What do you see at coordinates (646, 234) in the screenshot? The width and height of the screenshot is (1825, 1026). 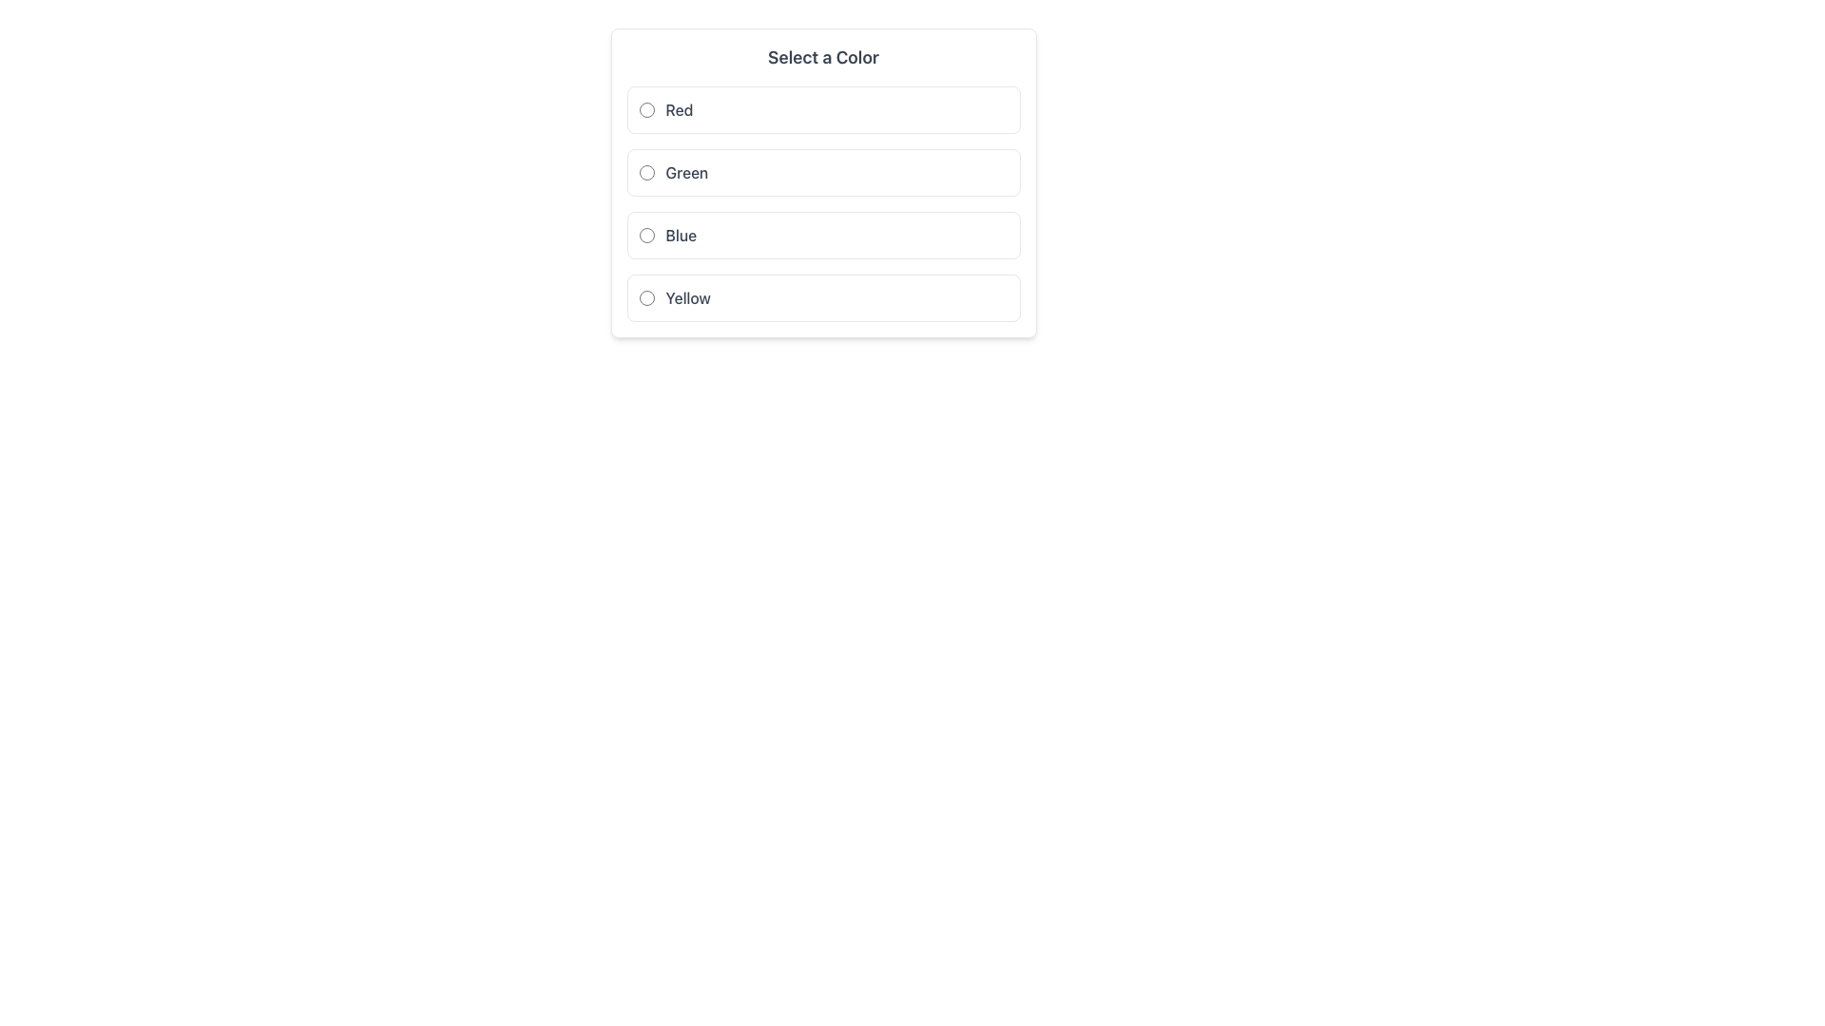 I see `the radio button labeled 'Blue'` at bounding box center [646, 234].